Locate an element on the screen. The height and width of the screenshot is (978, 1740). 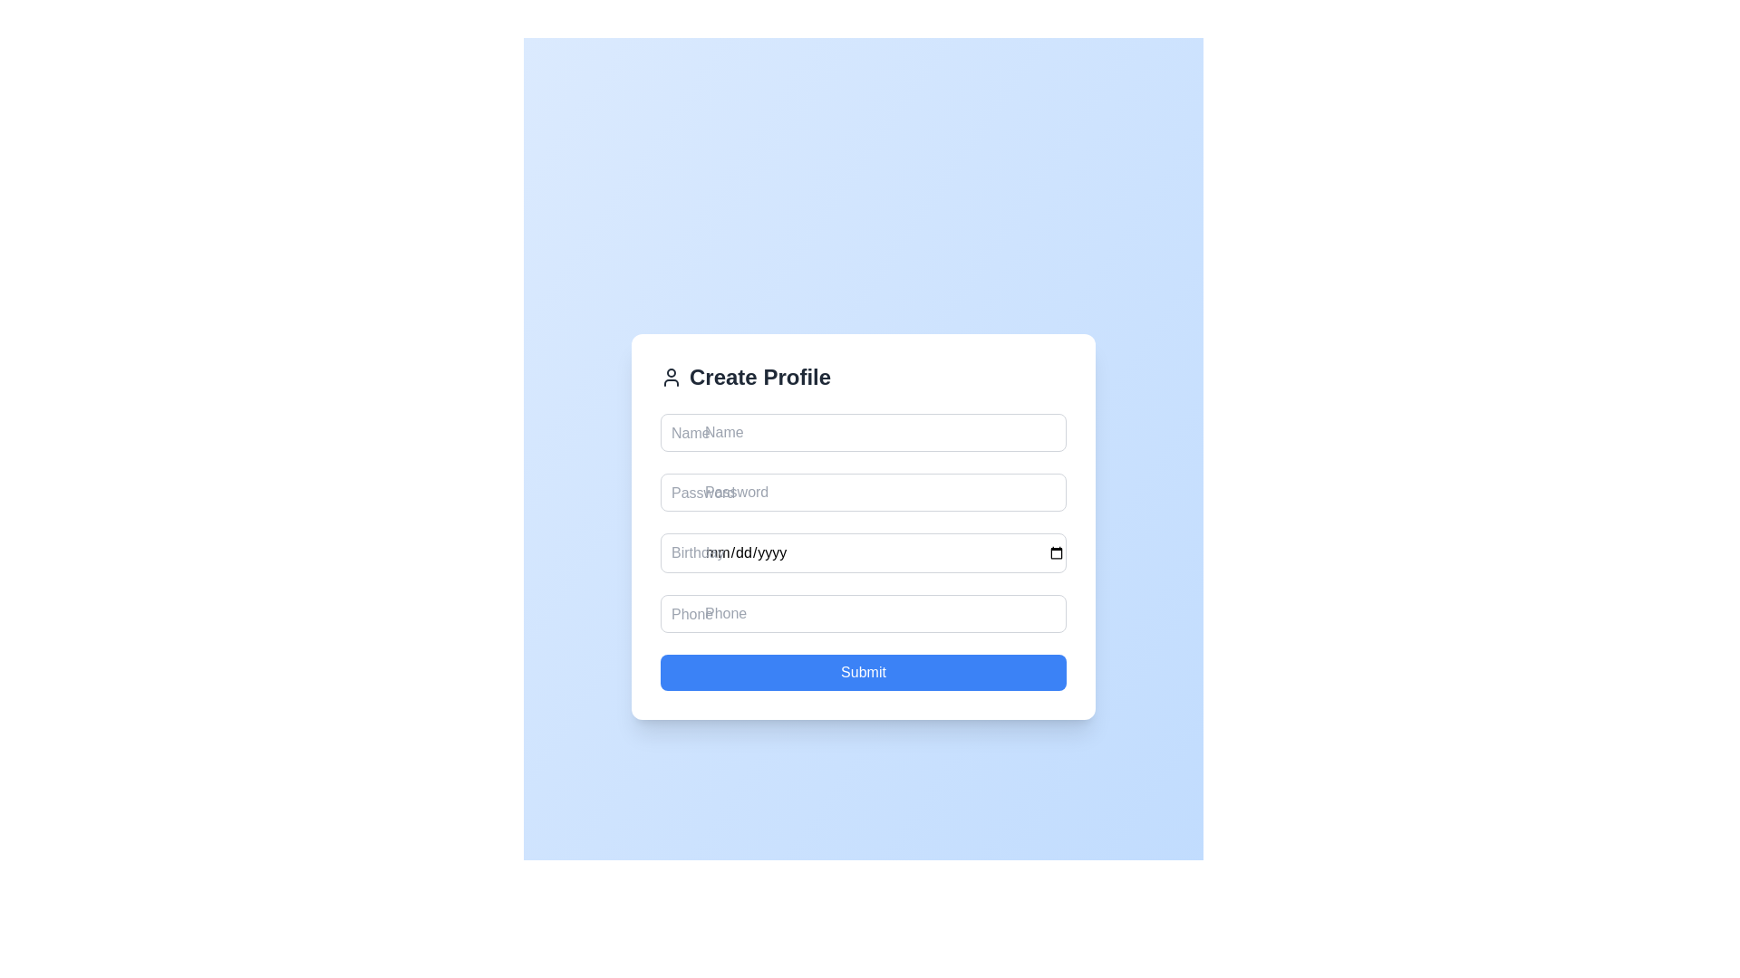
the 'Phone' label, which is styled in gray and positioned at the upper-left corner of the phone number input field in the form is located at coordinates (691, 613).